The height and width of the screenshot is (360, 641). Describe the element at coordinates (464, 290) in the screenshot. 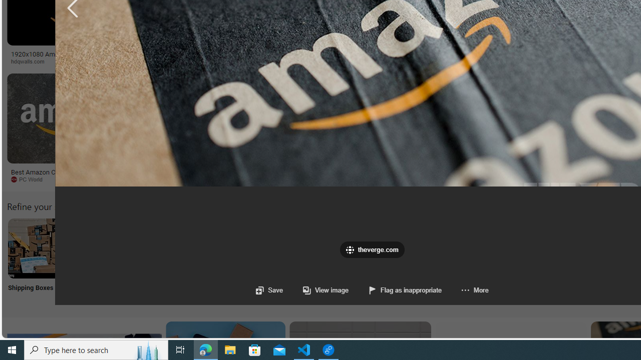

I see `'More'` at that location.